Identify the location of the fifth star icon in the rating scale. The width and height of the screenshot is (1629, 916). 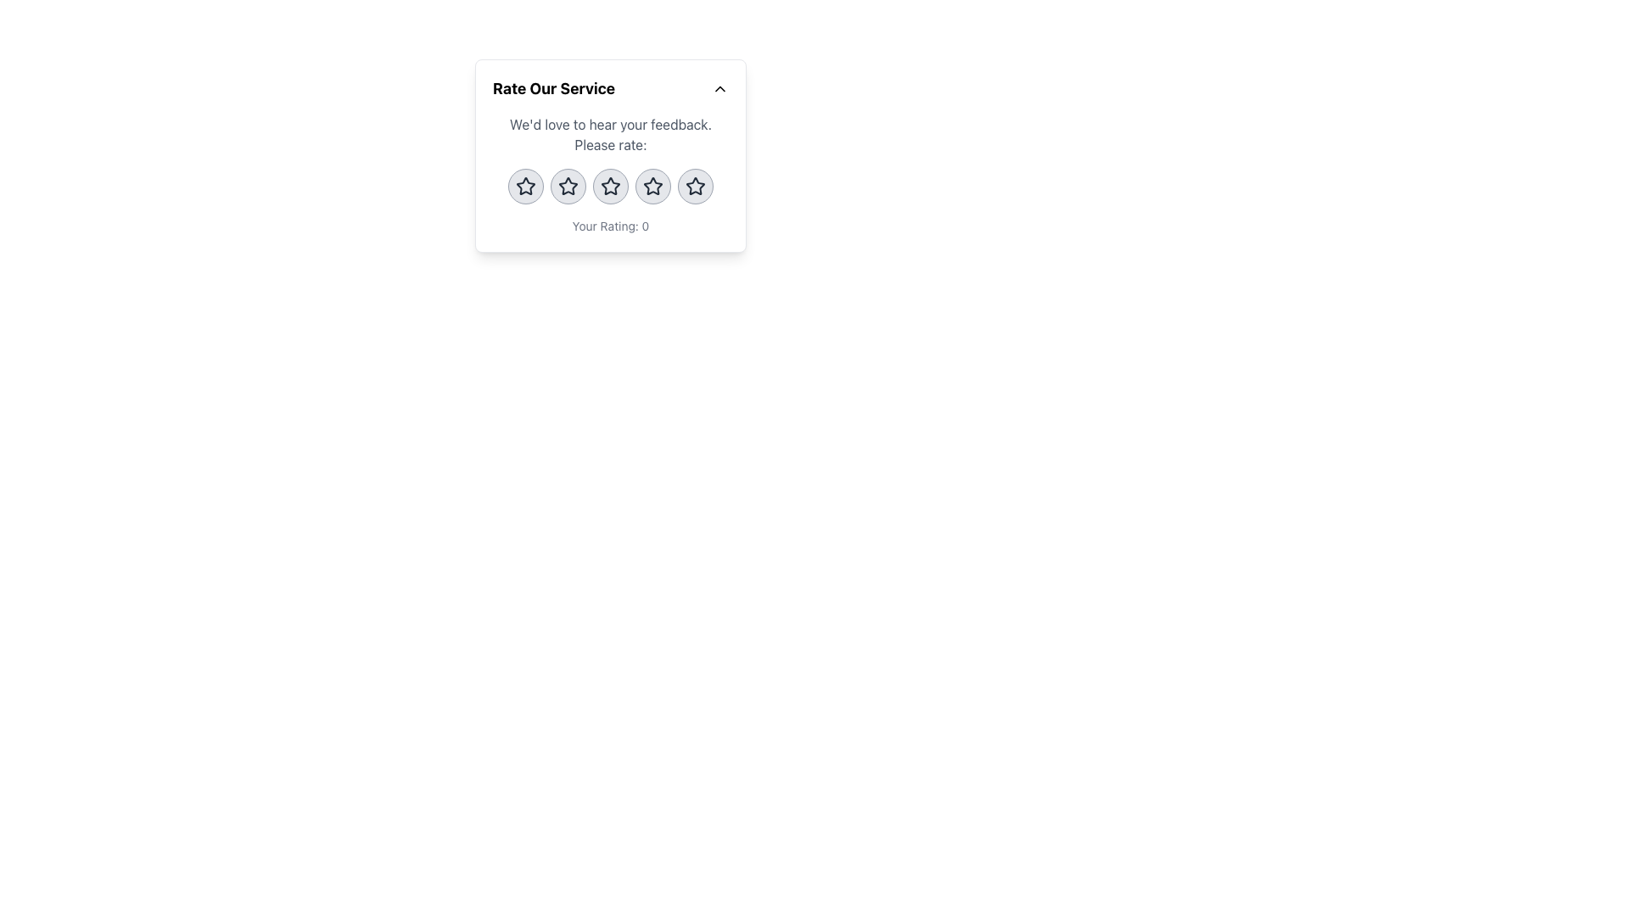
(696, 186).